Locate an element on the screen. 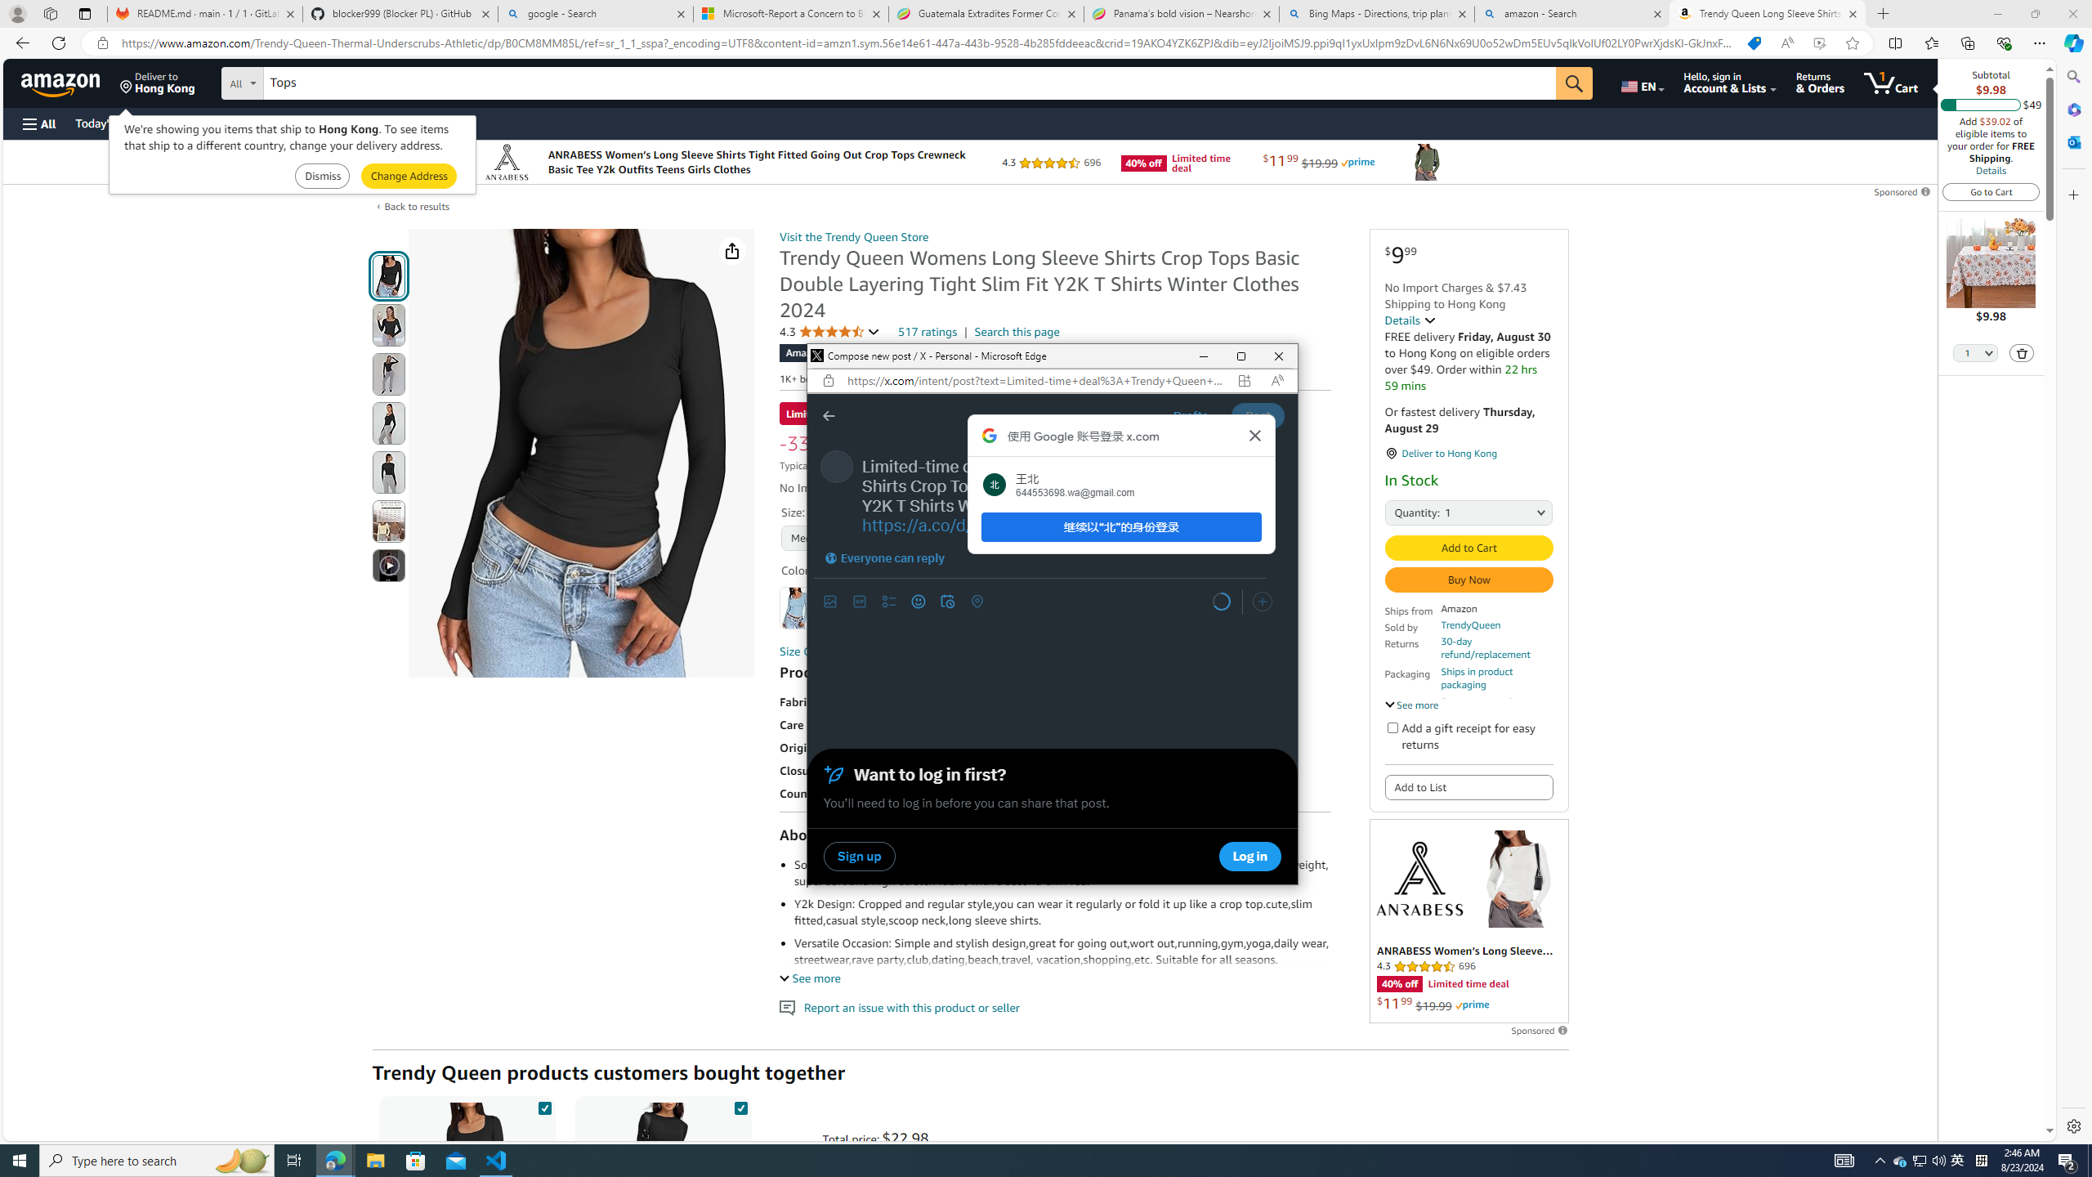 The height and width of the screenshot is (1177, 2092). 'Show desktop' is located at coordinates (2089, 1159).